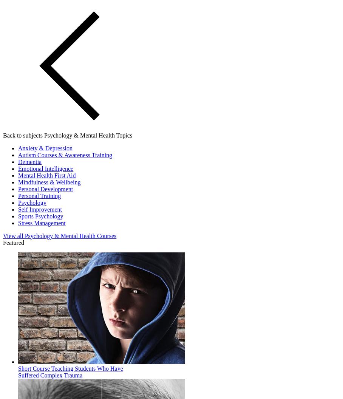 Image resolution: width=343 pixels, height=399 pixels. I want to click on 'Anxiety & Depression', so click(45, 147).